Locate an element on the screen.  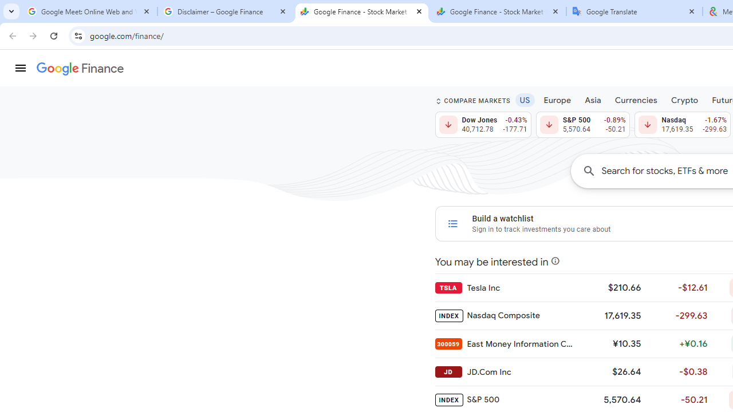
'Nasdaq 17,619.35 Down by 1.67% -299.63' is located at coordinates (683, 125).